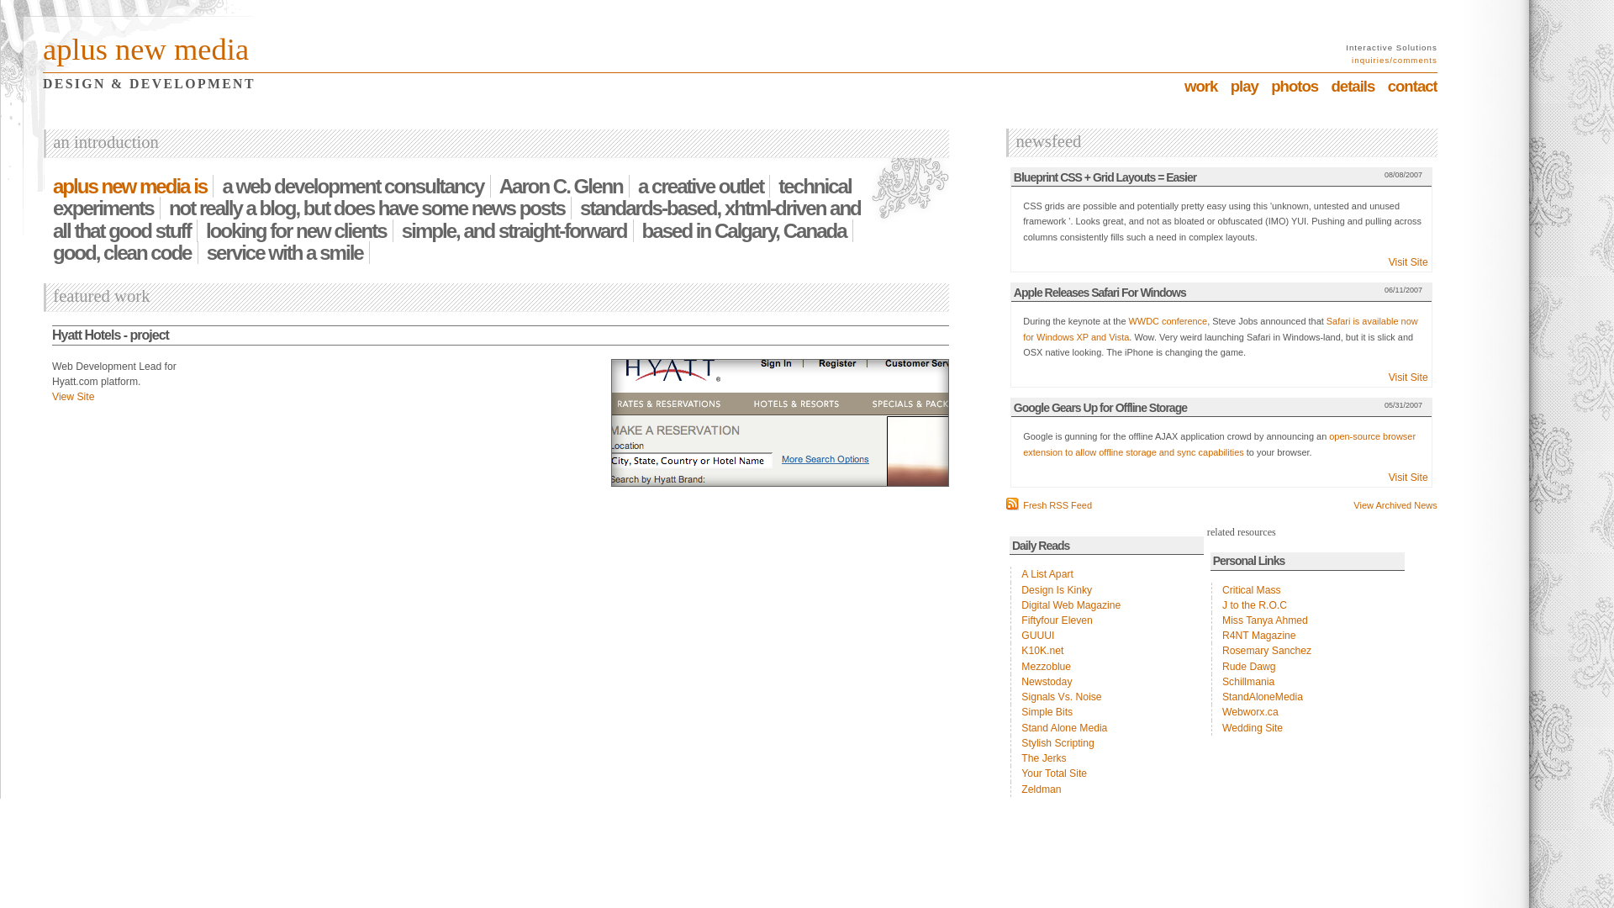  What do you see at coordinates (1306, 605) in the screenshot?
I see `'J to the R.O.C'` at bounding box center [1306, 605].